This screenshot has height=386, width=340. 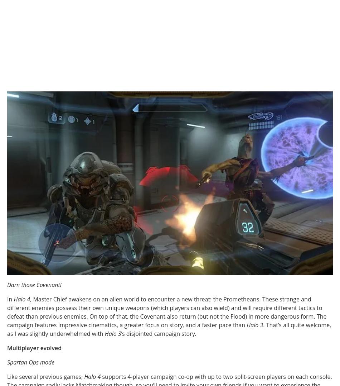 I want to click on 'Spartan Ops mode', so click(x=30, y=362).